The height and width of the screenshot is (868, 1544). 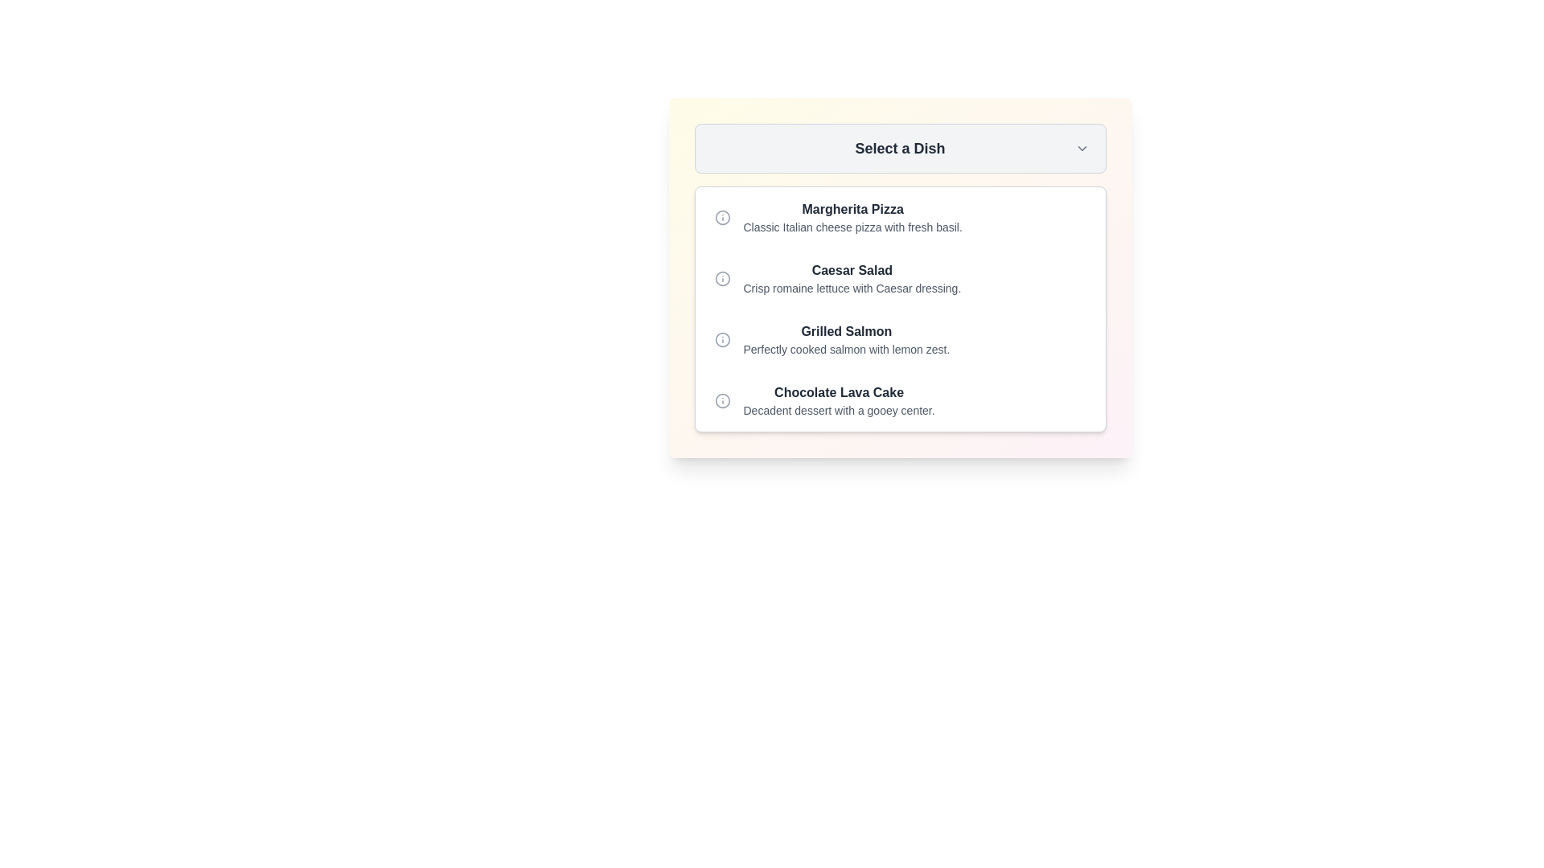 I want to click on the dropdown indicator icon, which is an arrow-shaped icon pointing downward, located to the far right of the header titled 'Select a Dish', to trigger a tooltip or visual effect, so click(x=1082, y=149).